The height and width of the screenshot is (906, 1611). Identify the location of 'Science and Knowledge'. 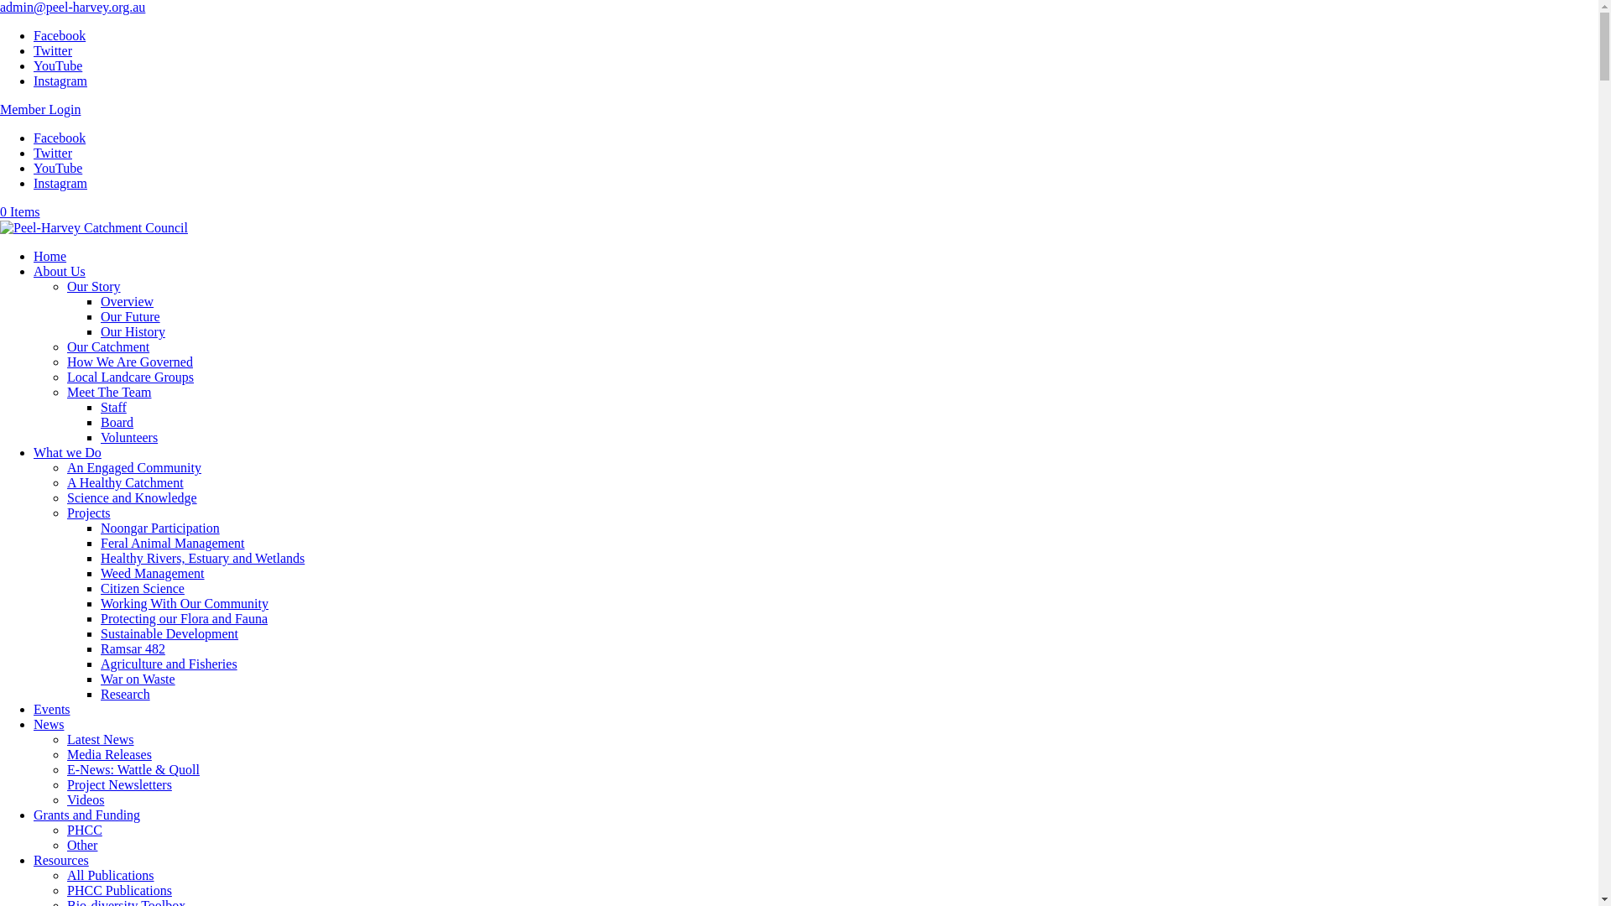
(131, 497).